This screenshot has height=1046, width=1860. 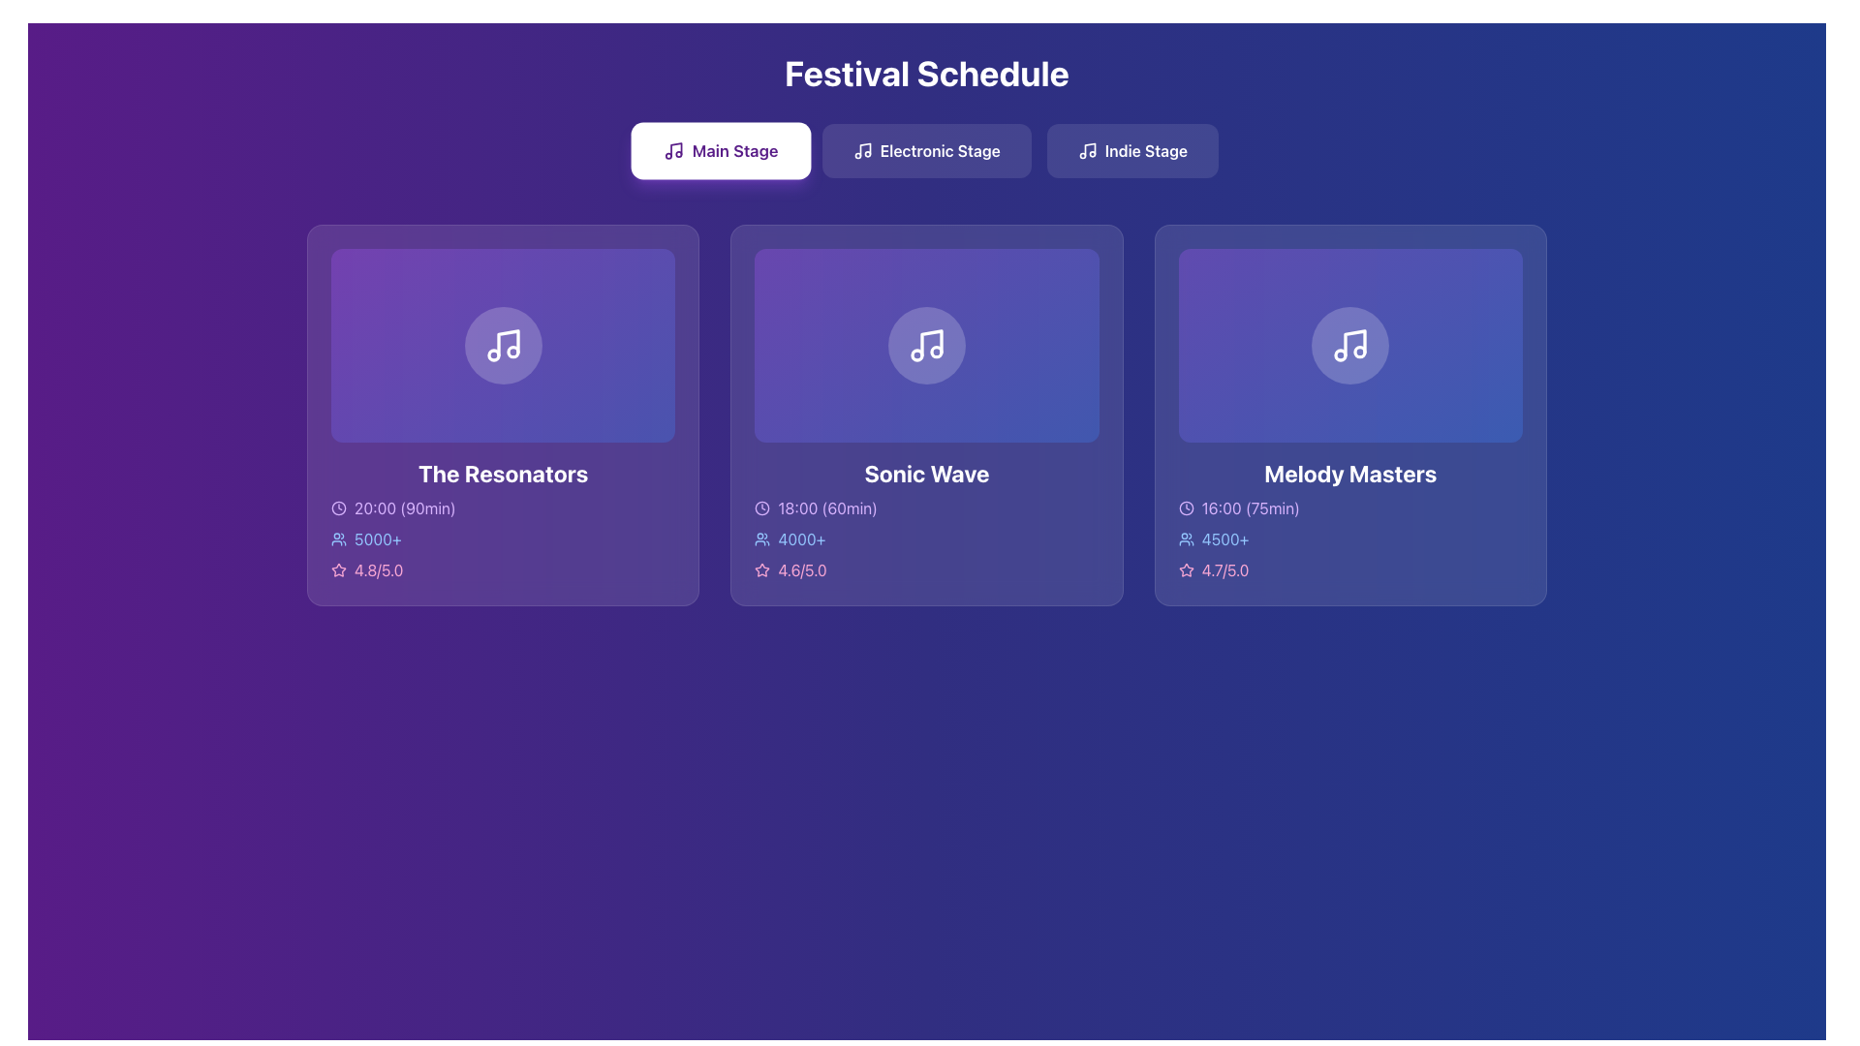 What do you see at coordinates (1349, 538) in the screenshot?
I see `the Information Card Segment that provides details about the scheduled time, duration, attendance count, and average rating for the event titled 'Melody Masters', located in the bottom-right section of the card` at bounding box center [1349, 538].